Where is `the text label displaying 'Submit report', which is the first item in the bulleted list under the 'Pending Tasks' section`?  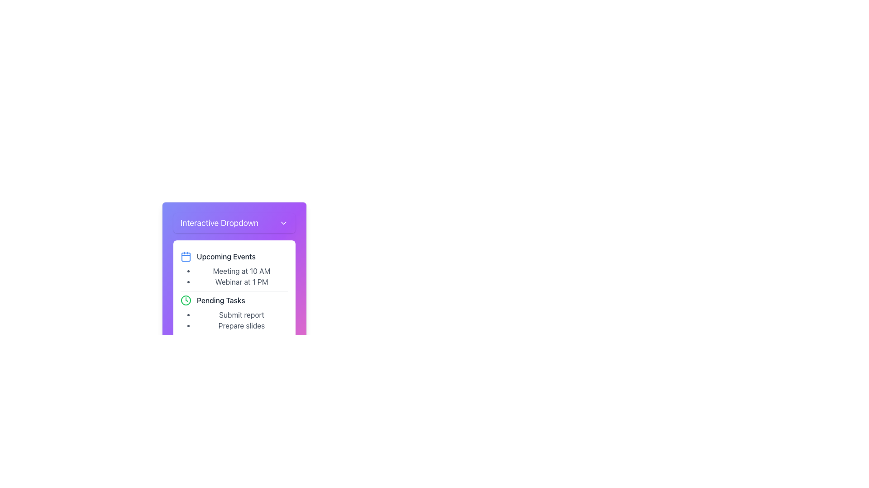 the text label displaying 'Submit report', which is the first item in the bulleted list under the 'Pending Tasks' section is located at coordinates (241, 314).